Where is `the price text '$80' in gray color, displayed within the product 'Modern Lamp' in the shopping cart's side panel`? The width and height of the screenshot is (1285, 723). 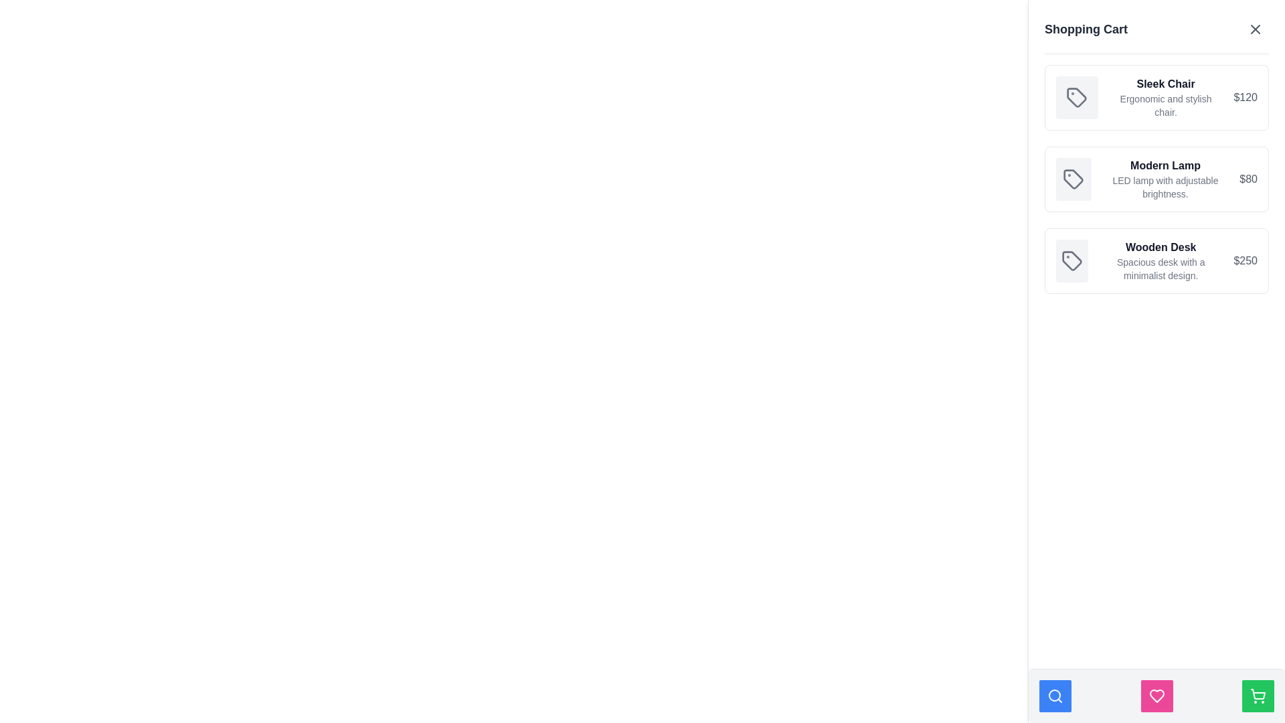
the price text '$80' in gray color, displayed within the product 'Modern Lamp' in the shopping cart's side panel is located at coordinates (1248, 178).